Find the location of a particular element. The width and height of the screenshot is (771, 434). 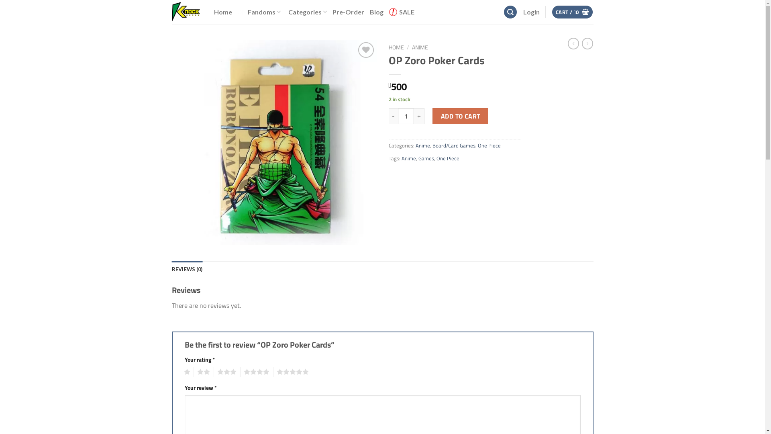

'REVIEWS (0)' is located at coordinates (171, 269).